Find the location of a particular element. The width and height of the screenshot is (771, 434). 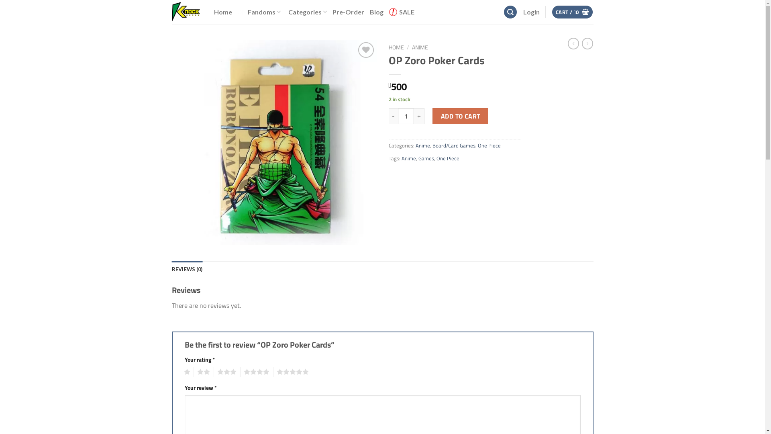

'REVIEWS (0)' is located at coordinates (171, 269).